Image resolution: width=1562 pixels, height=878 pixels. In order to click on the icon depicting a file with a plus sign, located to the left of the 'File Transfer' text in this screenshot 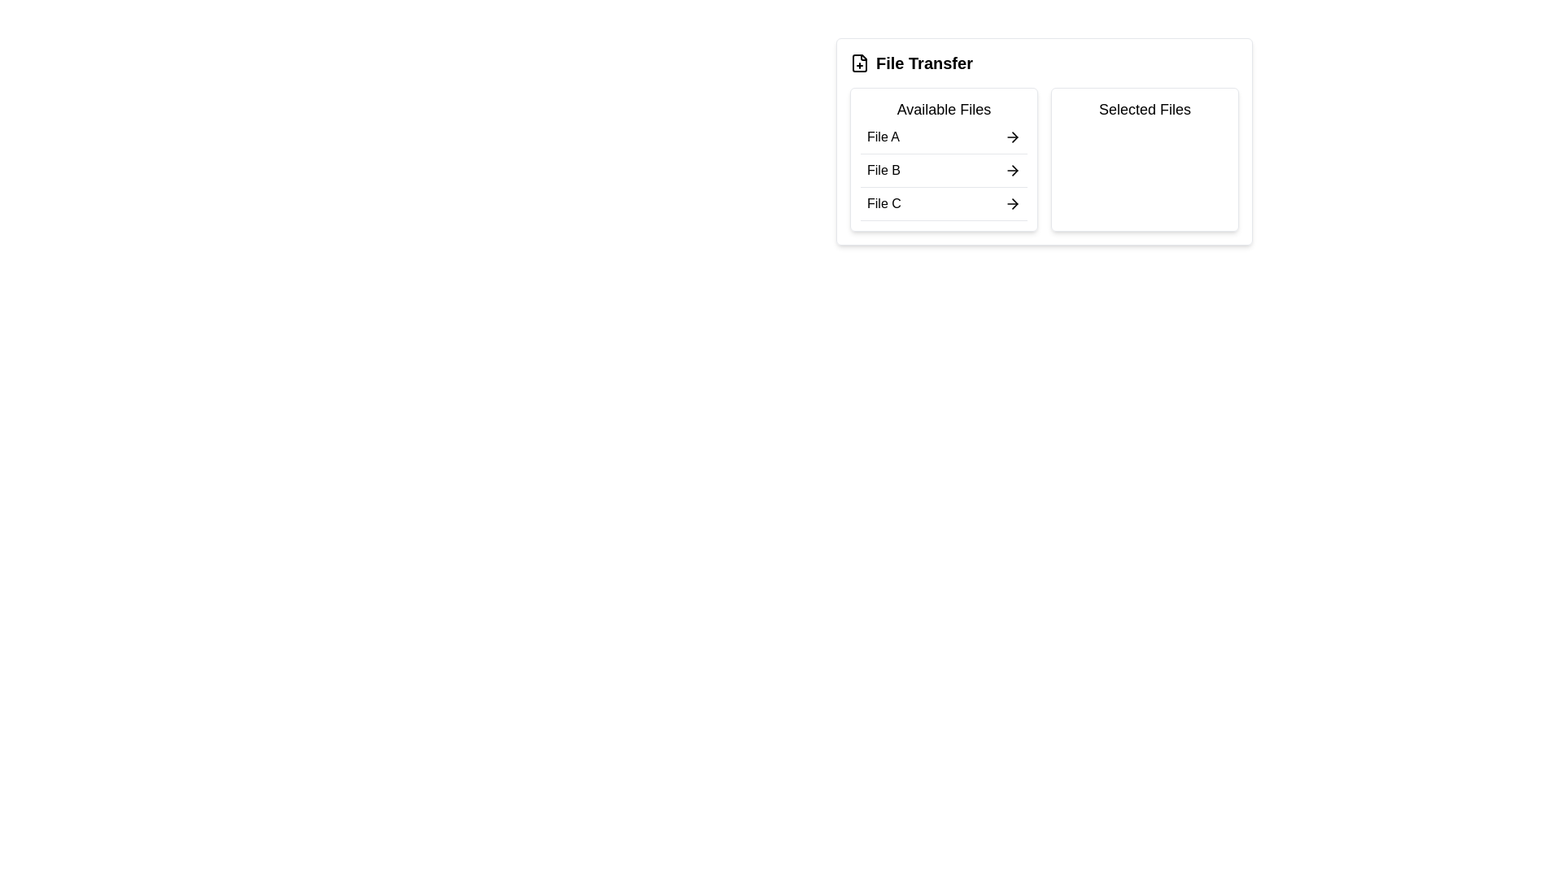, I will do `click(858, 62)`.